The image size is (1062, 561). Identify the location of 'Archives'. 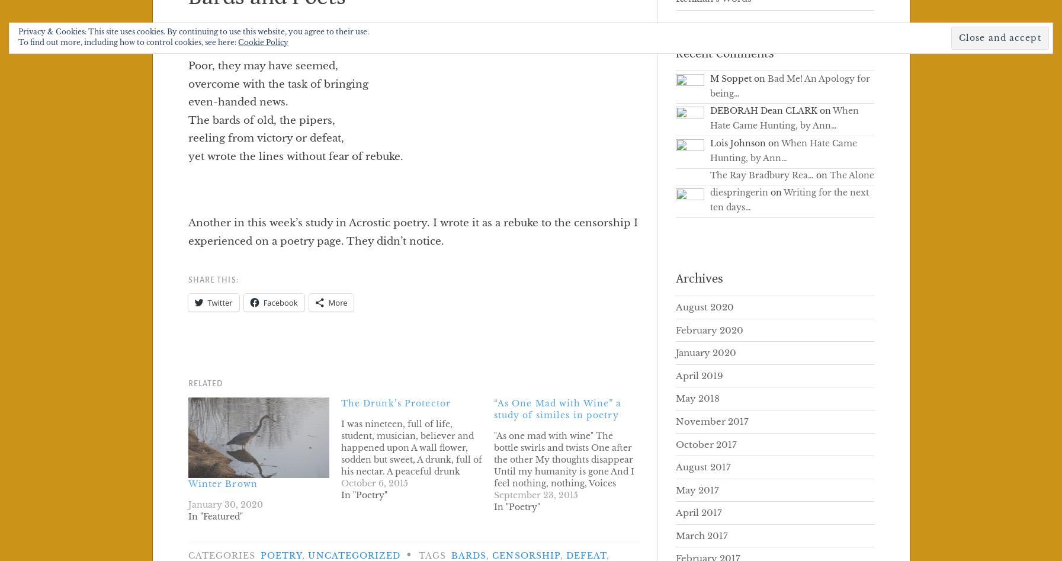
(698, 278).